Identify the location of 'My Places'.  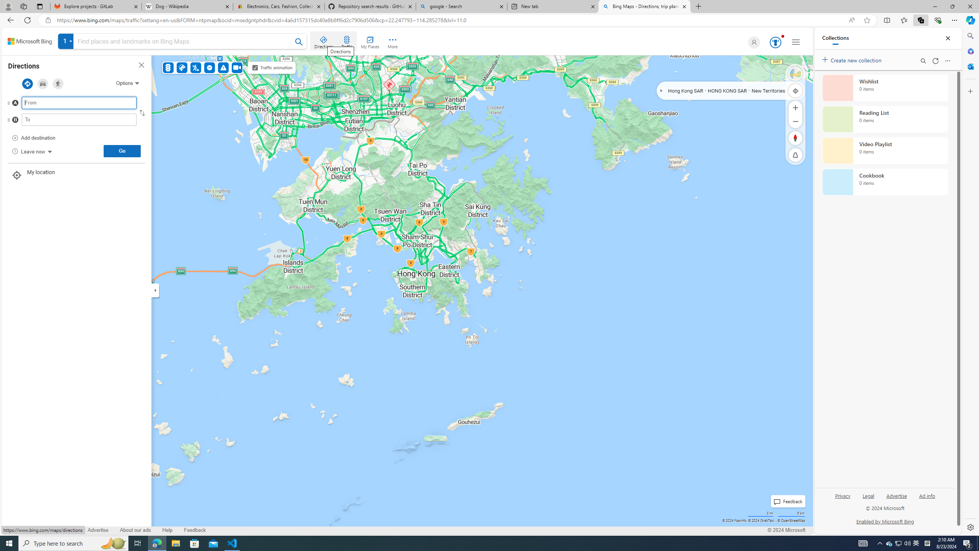
(369, 41).